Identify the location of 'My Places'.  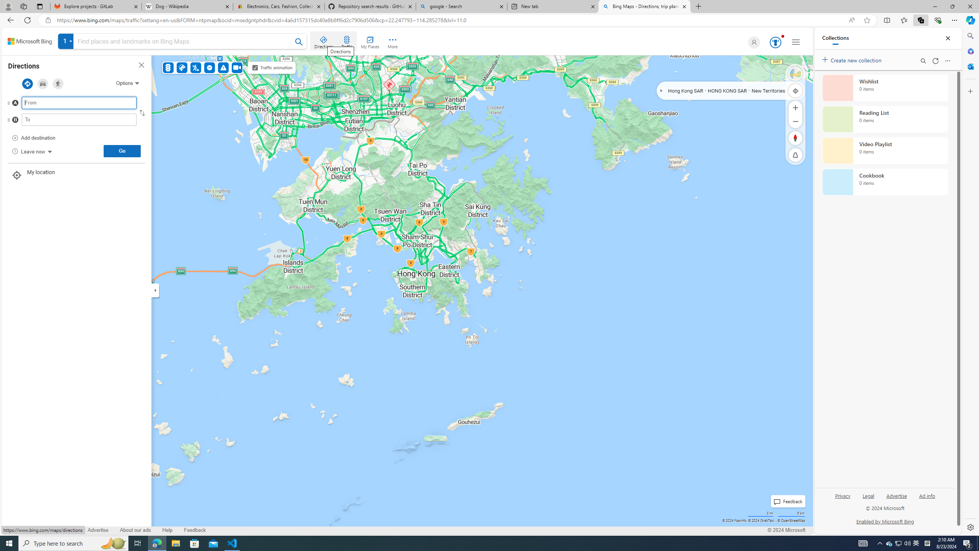
(369, 41).